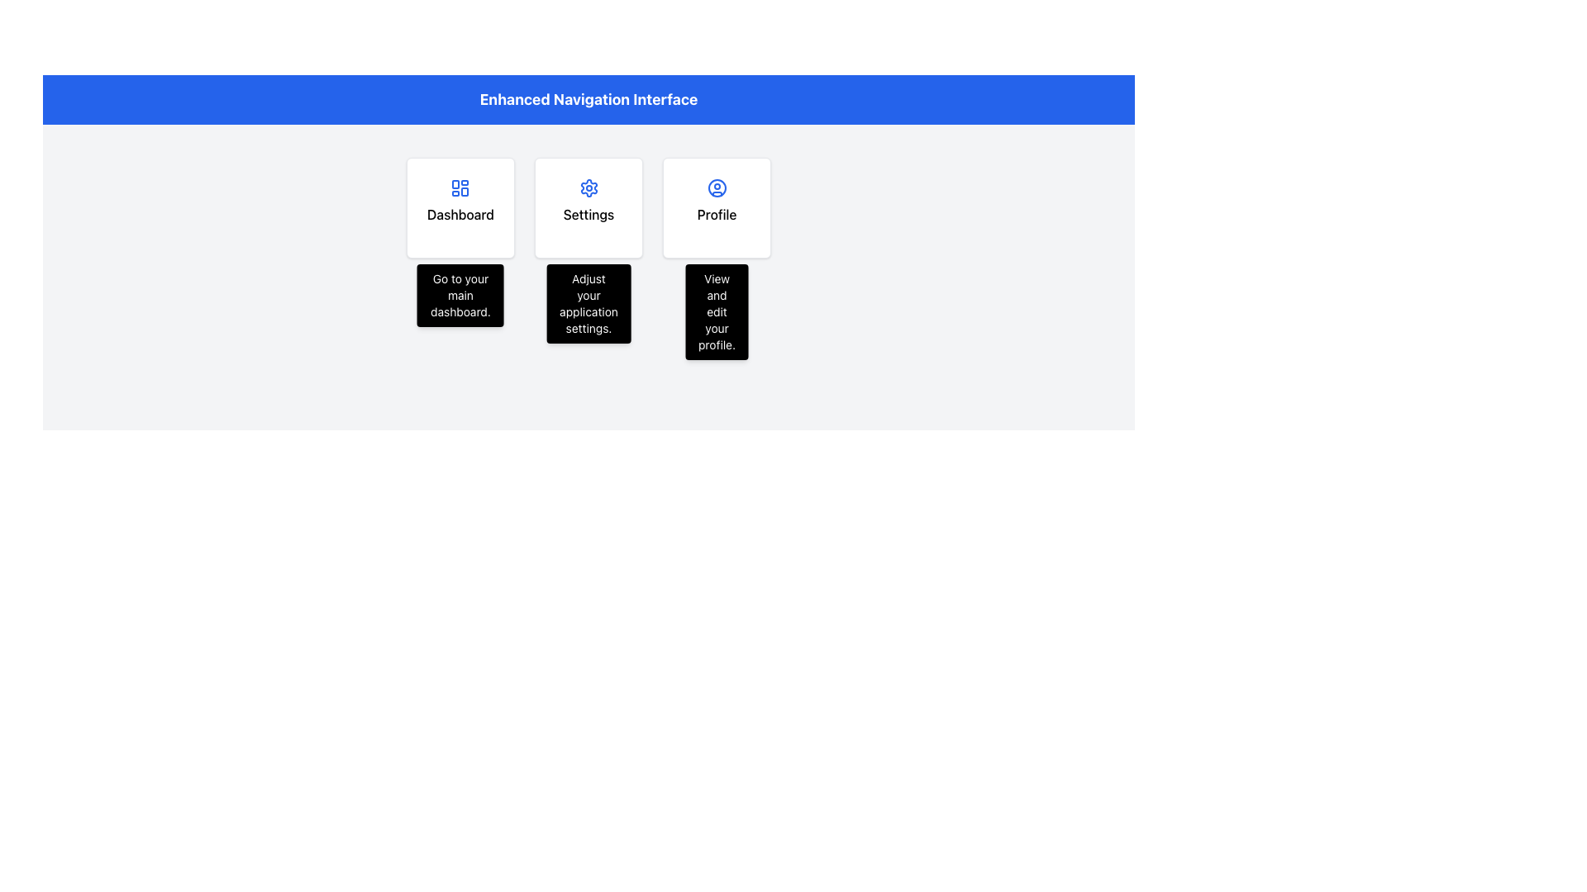 The image size is (1587, 892). Describe the element at coordinates (717, 187) in the screenshot. I see `the graphical decoration within the user profile icon located in the Profile section of the interface` at that location.